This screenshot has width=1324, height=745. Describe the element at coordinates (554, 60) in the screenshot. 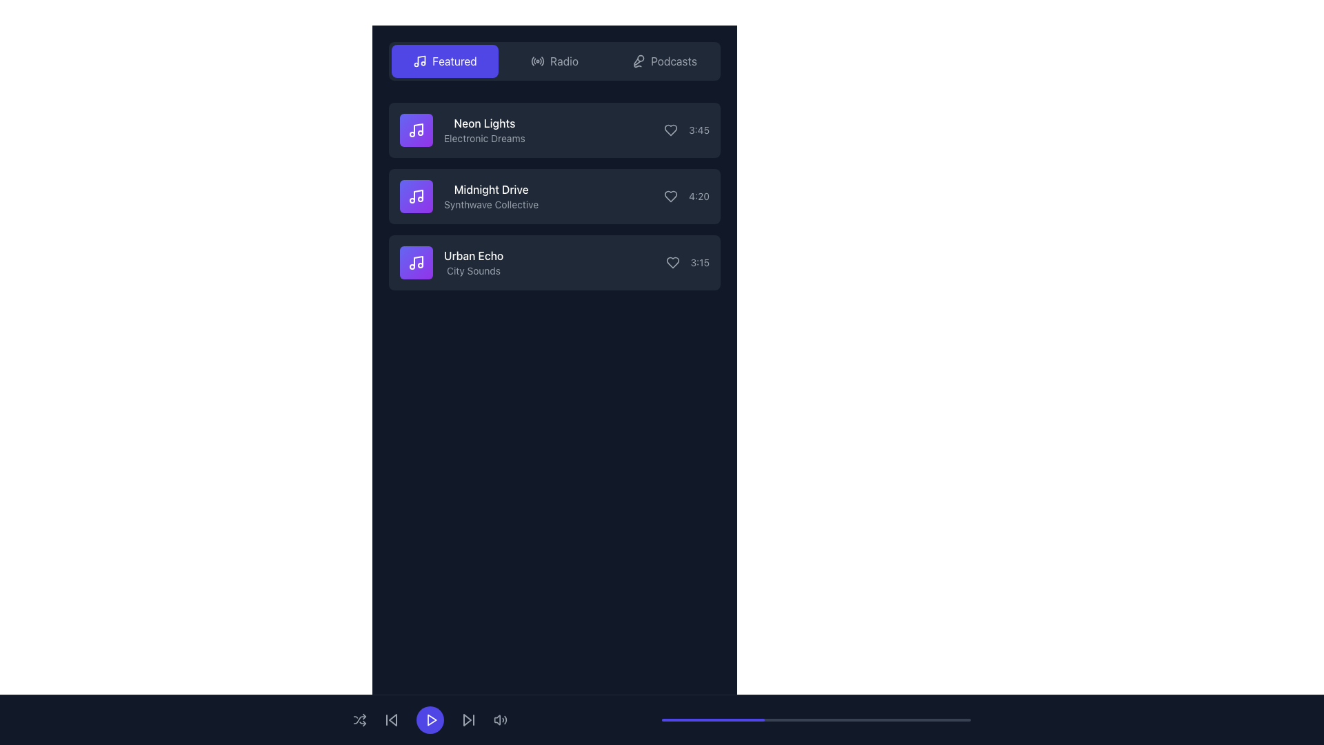

I see `the second button in the horizontal navigation menu` at that location.